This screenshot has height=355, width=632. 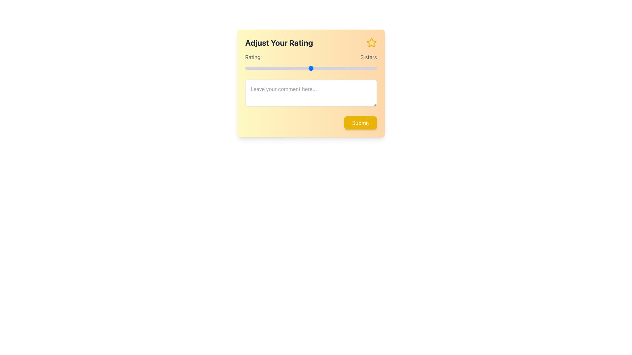 I want to click on the rating slider, so click(x=245, y=68).